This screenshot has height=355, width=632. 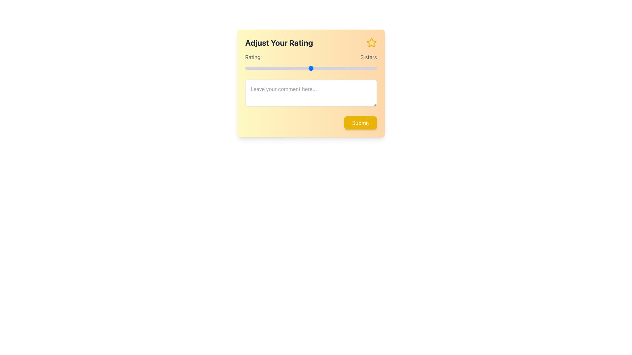 I want to click on the rating slider, so click(x=245, y=68).